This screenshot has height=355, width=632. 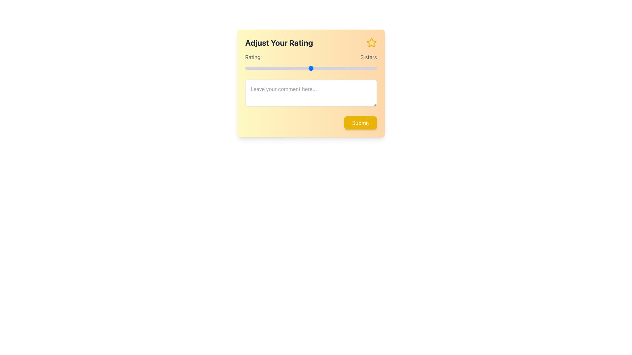 I want to click on the rating slider, so click(x=245, y=68).